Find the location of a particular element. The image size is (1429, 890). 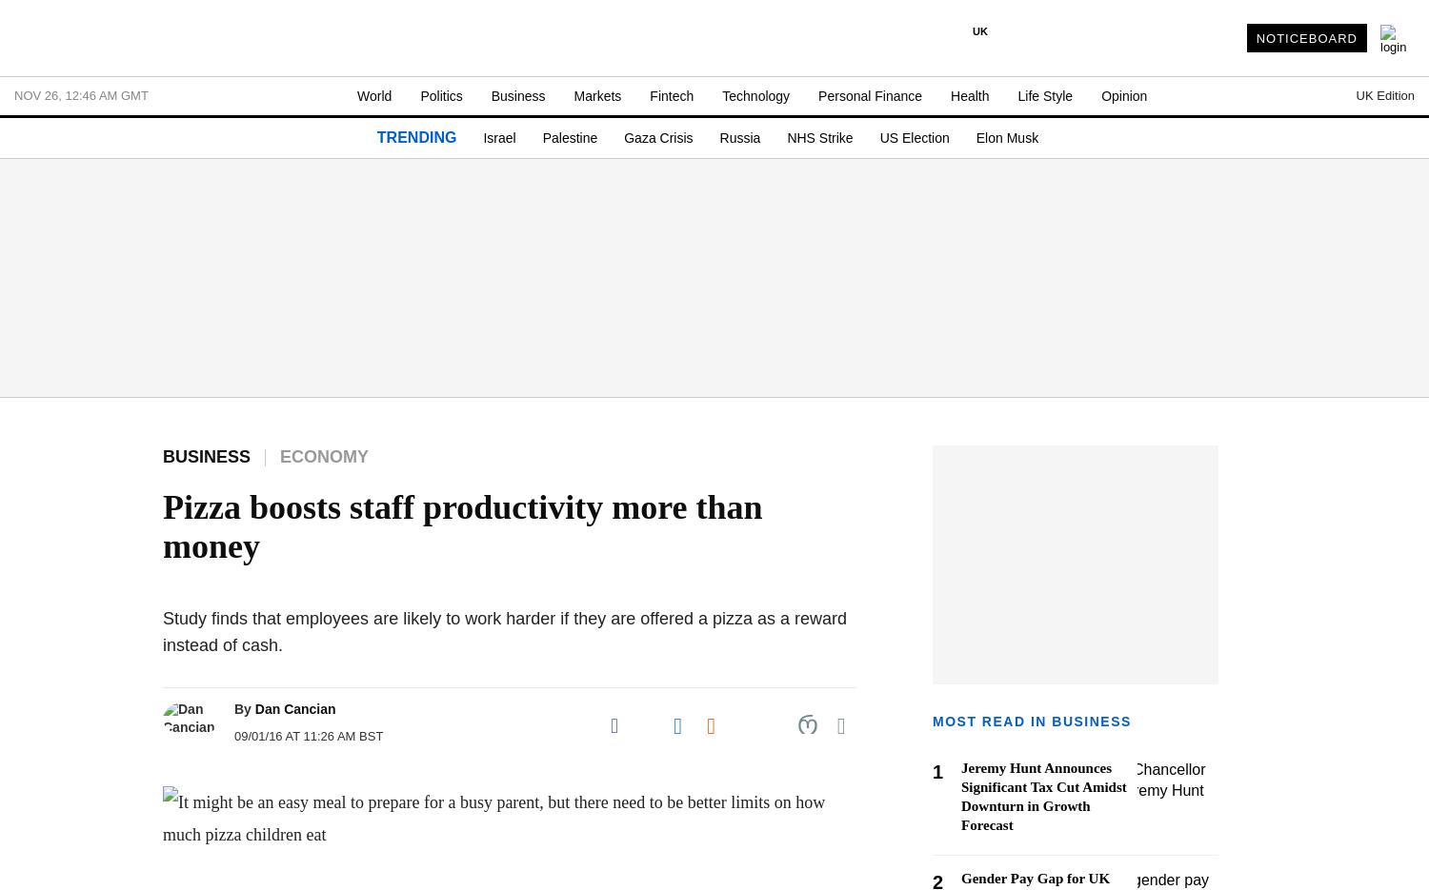

'NOTICEBOARD' is located at coordinates (1255, 37).